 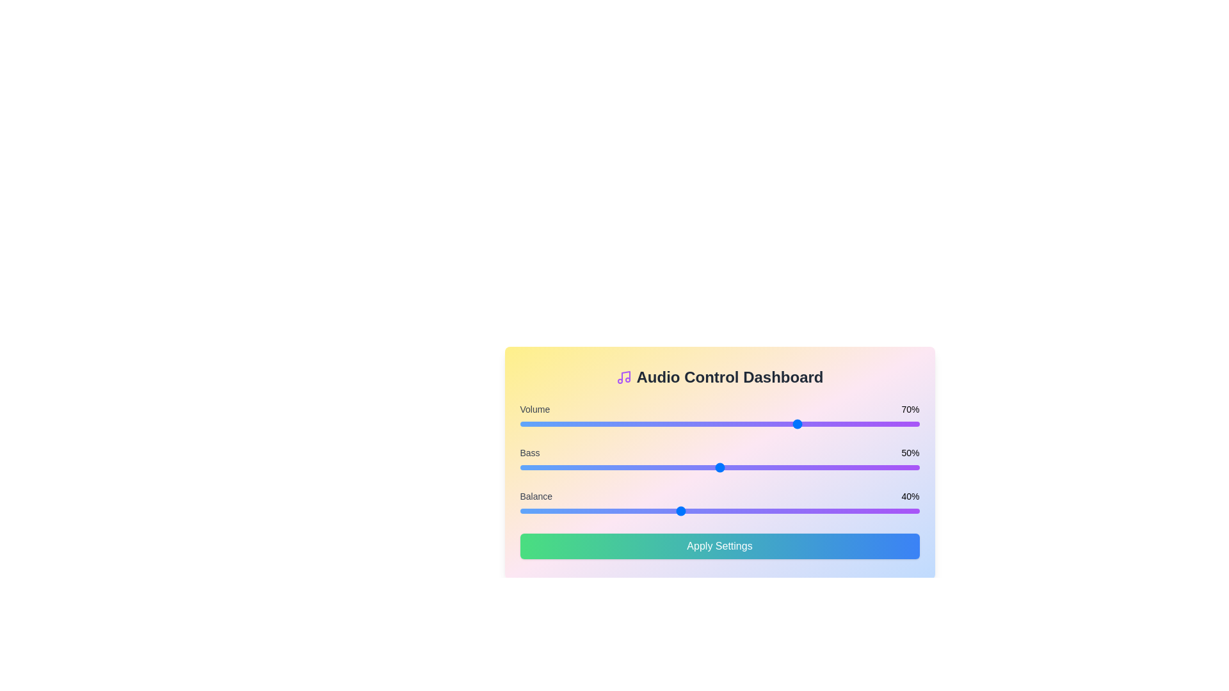 I want to click on balance, so click(x=675, y=510).